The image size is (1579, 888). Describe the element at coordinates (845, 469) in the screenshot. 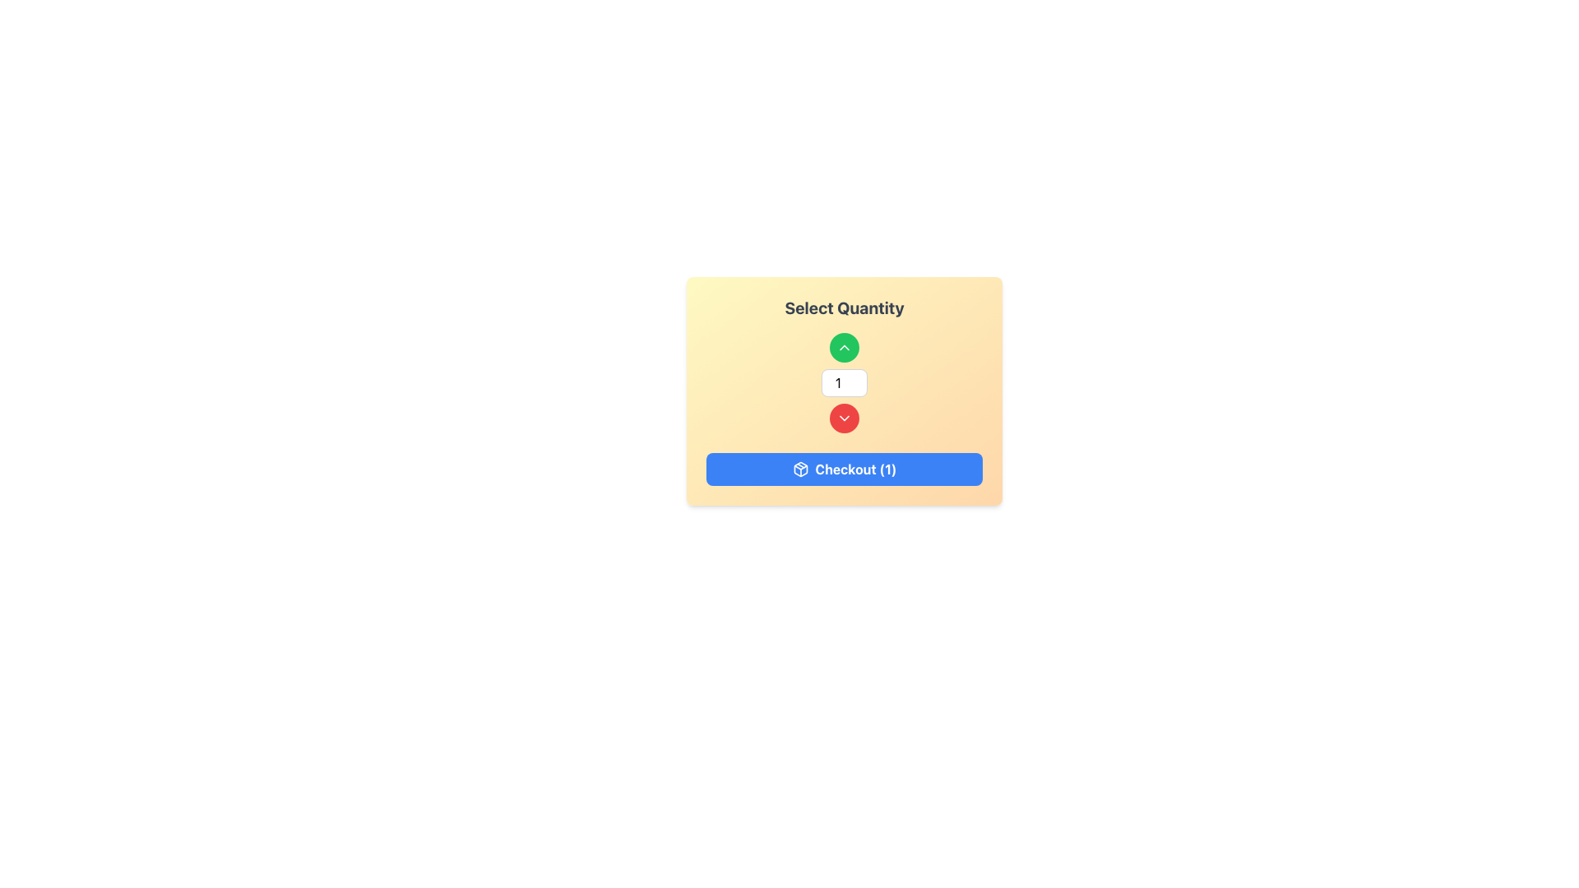

I see `the checkout button located at the bottom of the centered card layout` at that location.